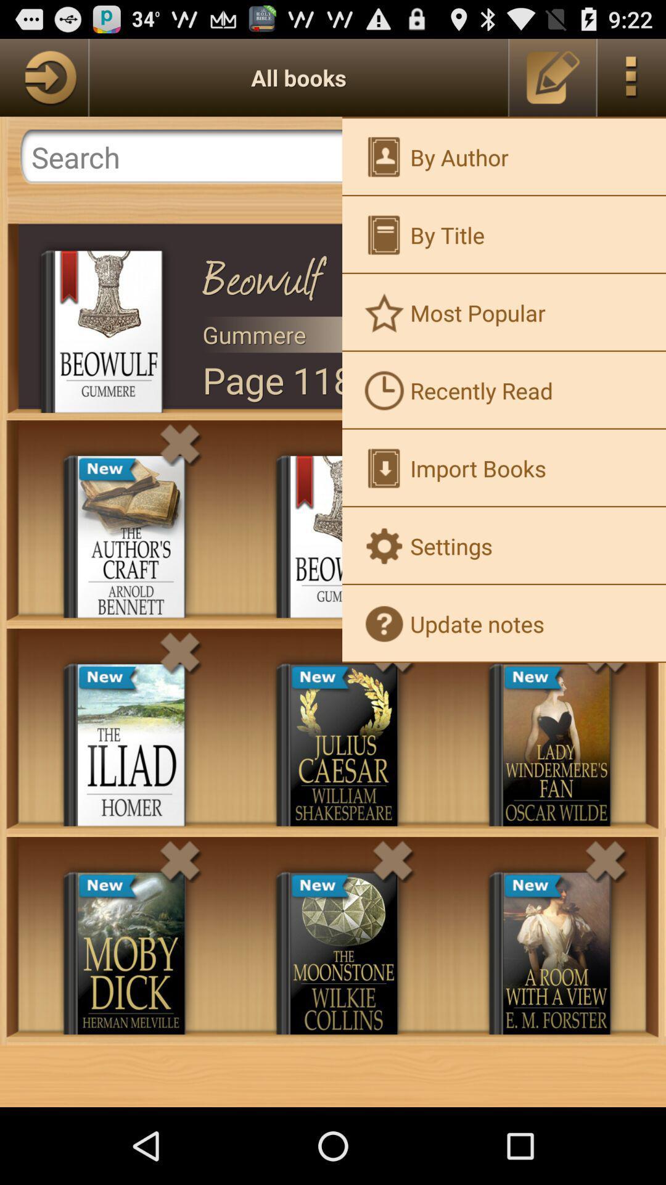  Describe the element at coordinates (631, 82) in the screenshot. I see `the more icon` at that location.